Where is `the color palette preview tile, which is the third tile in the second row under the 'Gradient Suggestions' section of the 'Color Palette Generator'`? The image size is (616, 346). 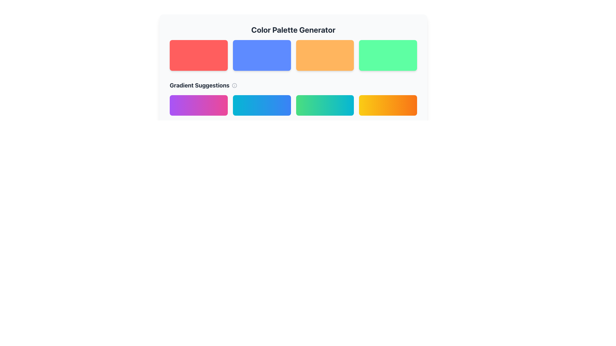
the color palette preview tile, which is the third tile in the second row under the 'Gradient Suggestions' section of the 'Color Palette Generator' is located at coordinates (293, 96).